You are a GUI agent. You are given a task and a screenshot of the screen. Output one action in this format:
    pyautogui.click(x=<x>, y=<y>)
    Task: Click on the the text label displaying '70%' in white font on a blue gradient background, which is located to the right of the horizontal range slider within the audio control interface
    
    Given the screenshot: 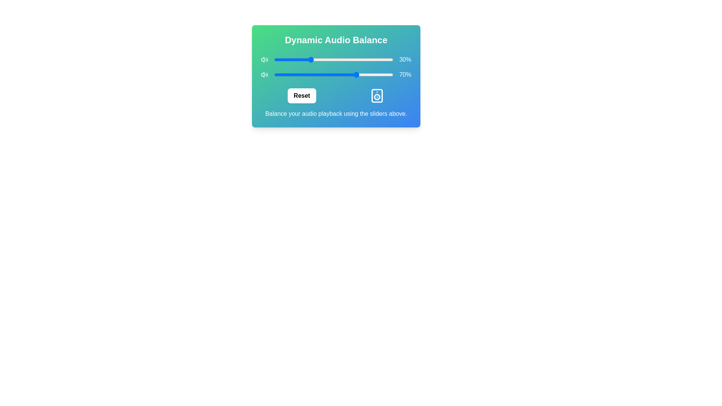 What is the action you would take?
    pyautogui.click(x=405, y=75)
    